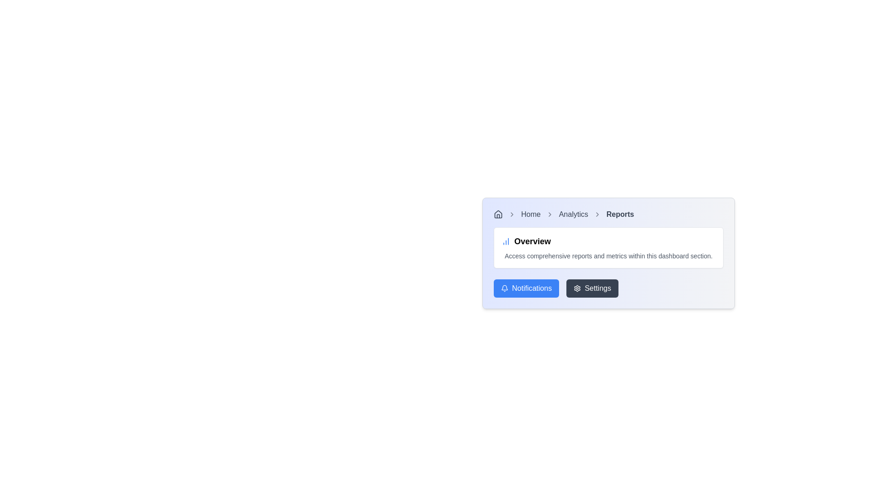  Describe the element at coordinates (497, 214) in the screenshot. I see `keyboard navigation` at that location.